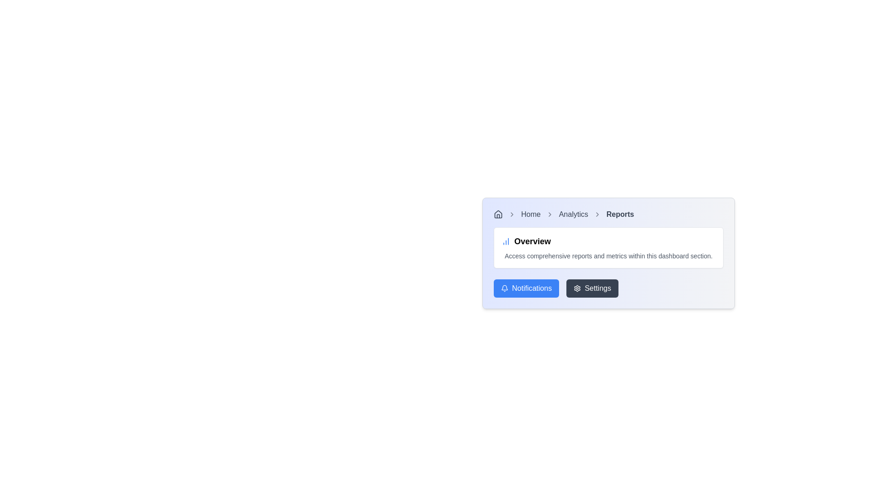  Describe the element at coordinates (497, 214) in the screenshot. I see `keyboard navigation` at that location.